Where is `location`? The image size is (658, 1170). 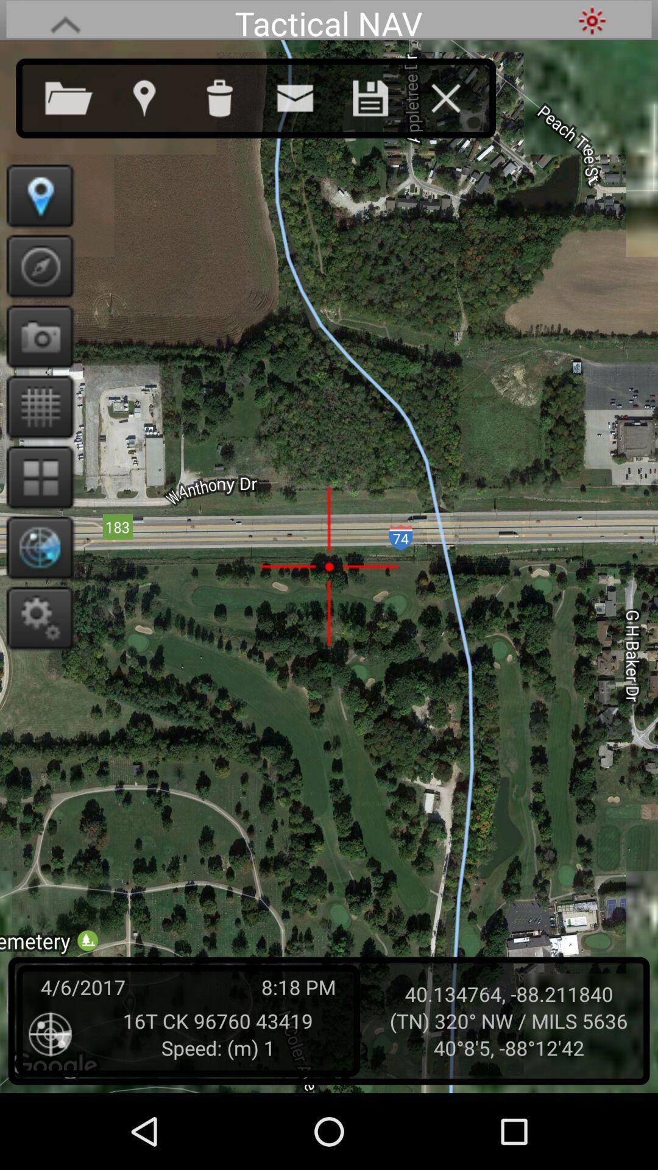
location is located at coordinates (155, 95).